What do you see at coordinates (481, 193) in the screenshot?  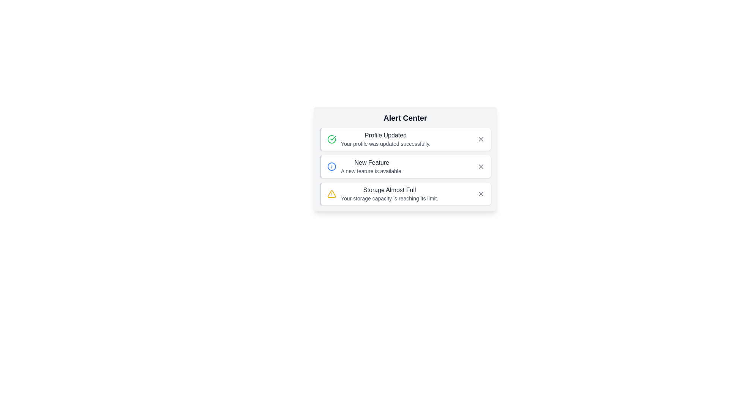 I see `the close button icon located at the far-right edge of the 'Storage Almost Full' notification panel to trigger a style change` at bounding box center [481, 193].